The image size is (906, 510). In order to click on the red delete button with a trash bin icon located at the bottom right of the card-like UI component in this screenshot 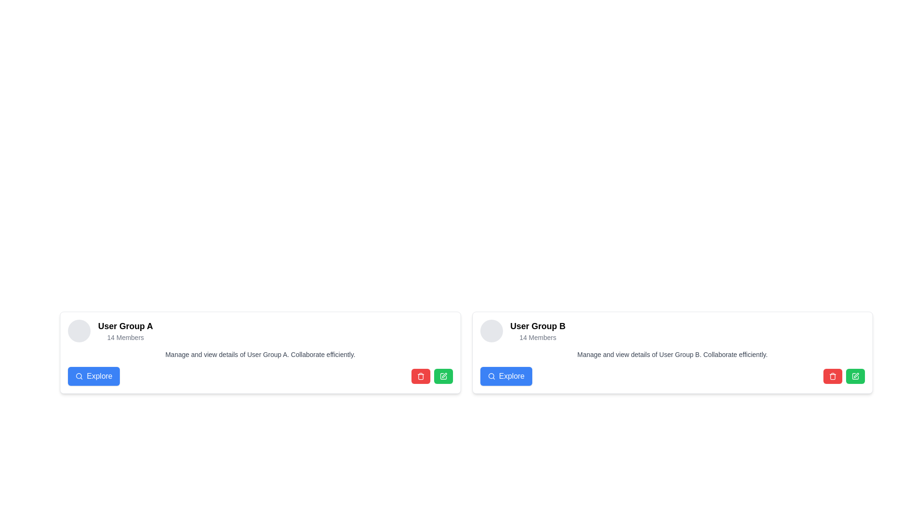, I will do `click(833, 376)`.